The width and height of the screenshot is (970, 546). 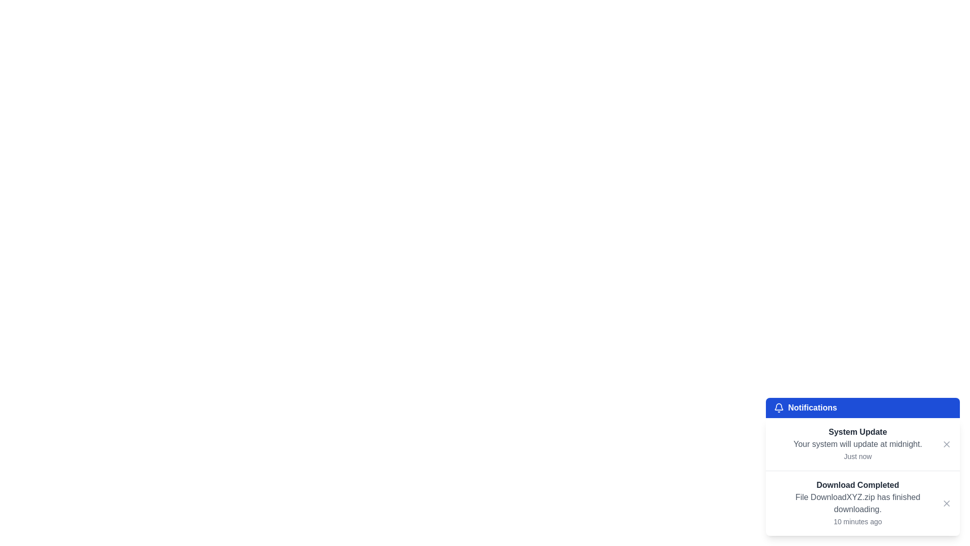 I want to click on the notification card that contains the title 'System Update' and the message 'Your system will update at midnight.', so click(x=862, y=444).